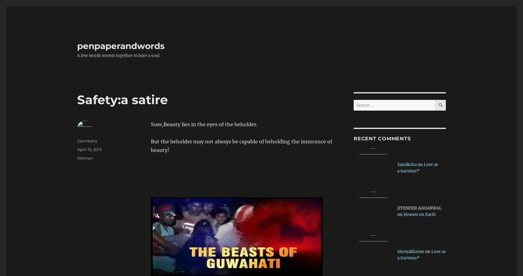 The image size is (523, 276). What do you see at coordinates (89, 149) in the screenshot?
I see `'April 15, 2013'` at bounding box center [89, 149].